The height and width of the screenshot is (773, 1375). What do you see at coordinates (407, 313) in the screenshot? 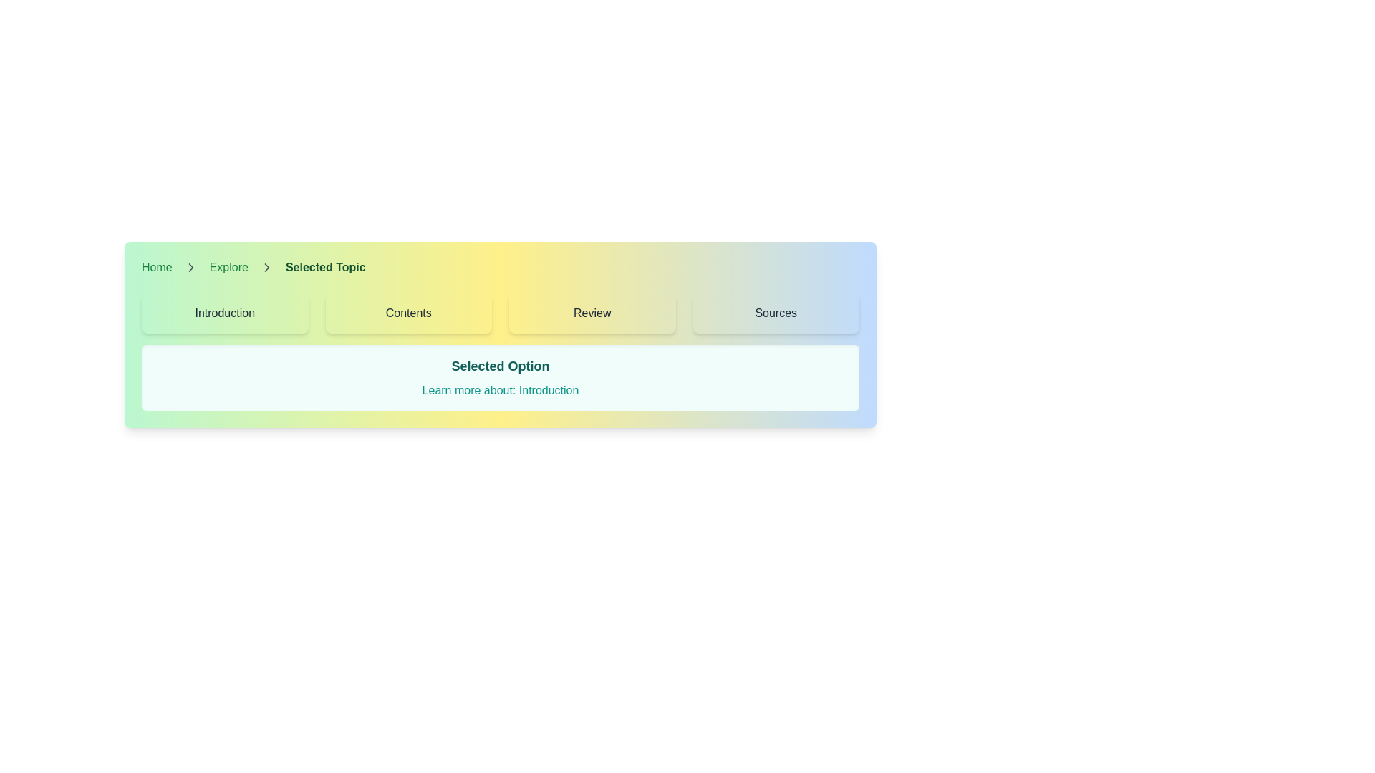
I see `the 'Contents' button-like UI component, which is a rectangular box with rounded corners and a gradient background from green to yellow` at bounding box center [407, 313].